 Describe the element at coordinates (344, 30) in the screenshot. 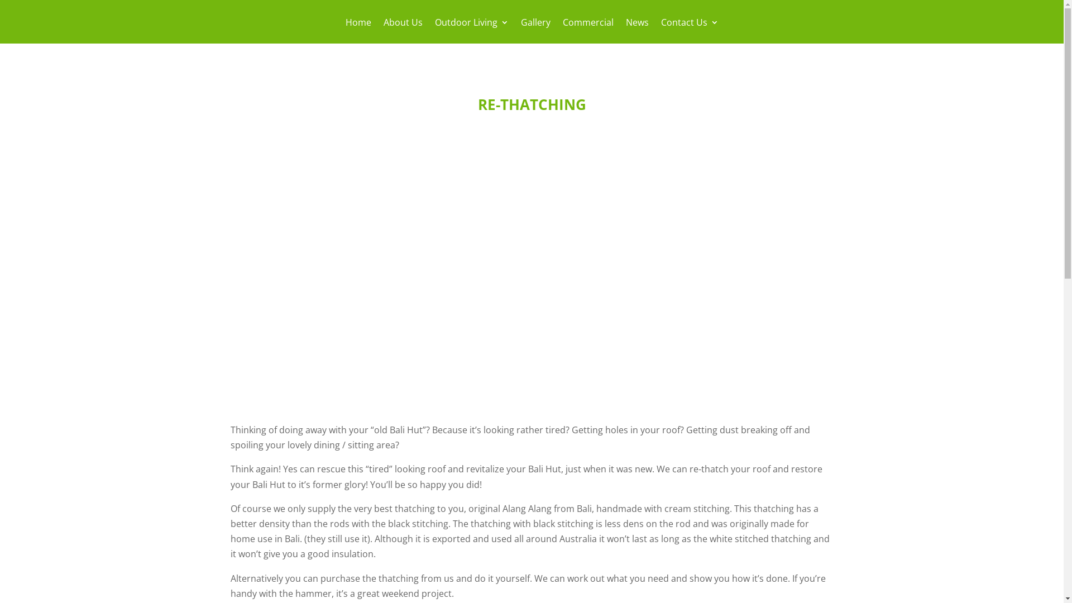

I see `'Home'` at that location.